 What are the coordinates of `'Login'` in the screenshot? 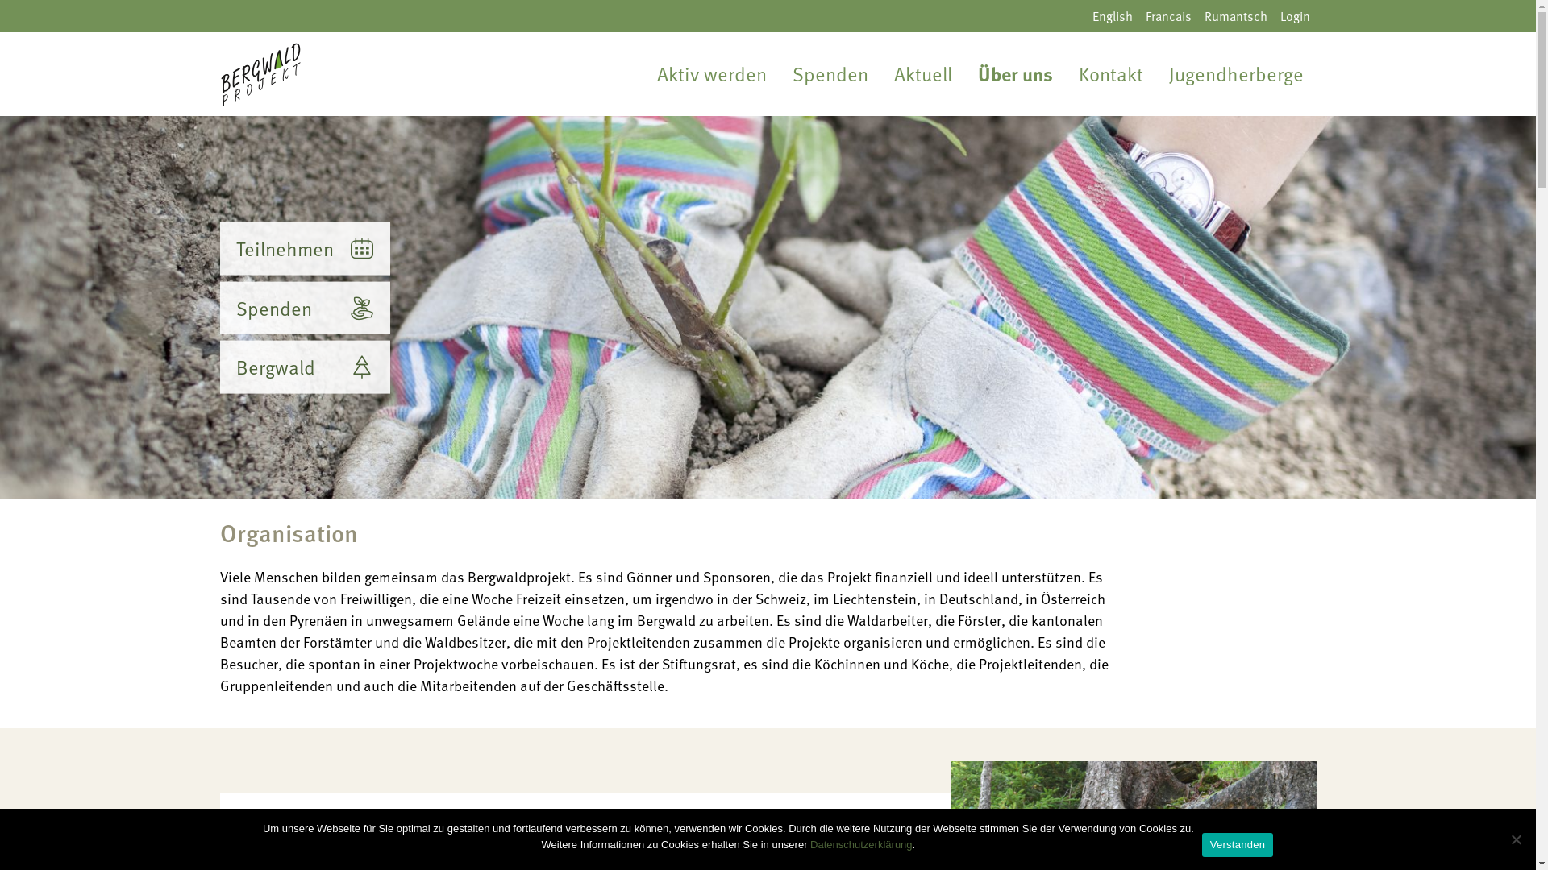 It's located at (1295, 15).